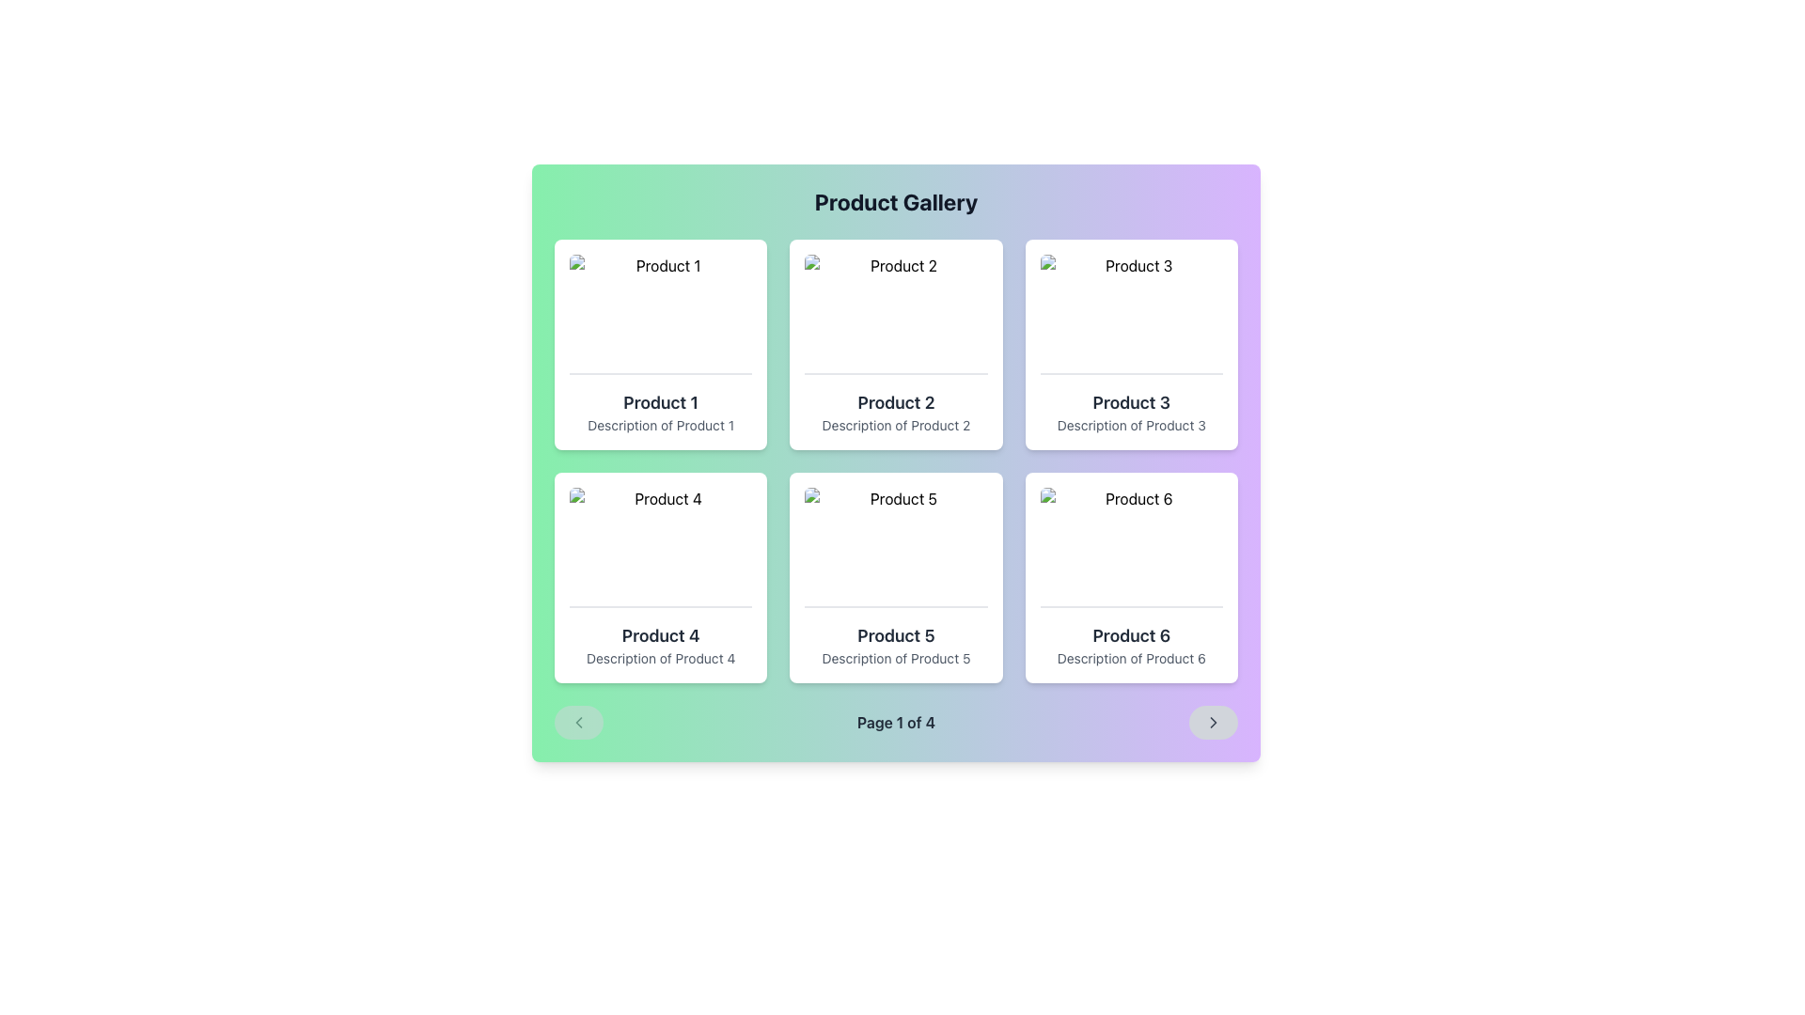 The height and width of the screenshot is (1015, 1805). What do you see at coordinates (1130, 658) in the screenshot?
I see `the Text Label that provides additional information about Product 6, located at the bottom-right card, last in the second row of the grid layout` at bounding box center [1130, 658].